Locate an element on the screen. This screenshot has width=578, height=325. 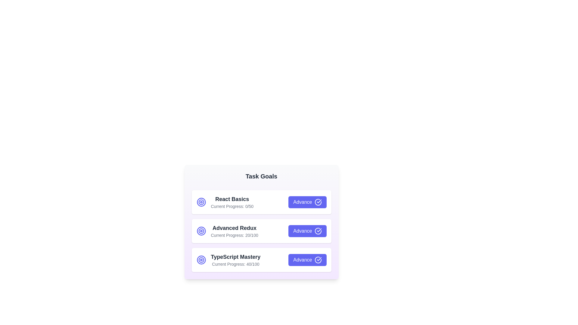
the second concentric circle of the target icon design within the Task Goals card is located at coordinates (201, 202).